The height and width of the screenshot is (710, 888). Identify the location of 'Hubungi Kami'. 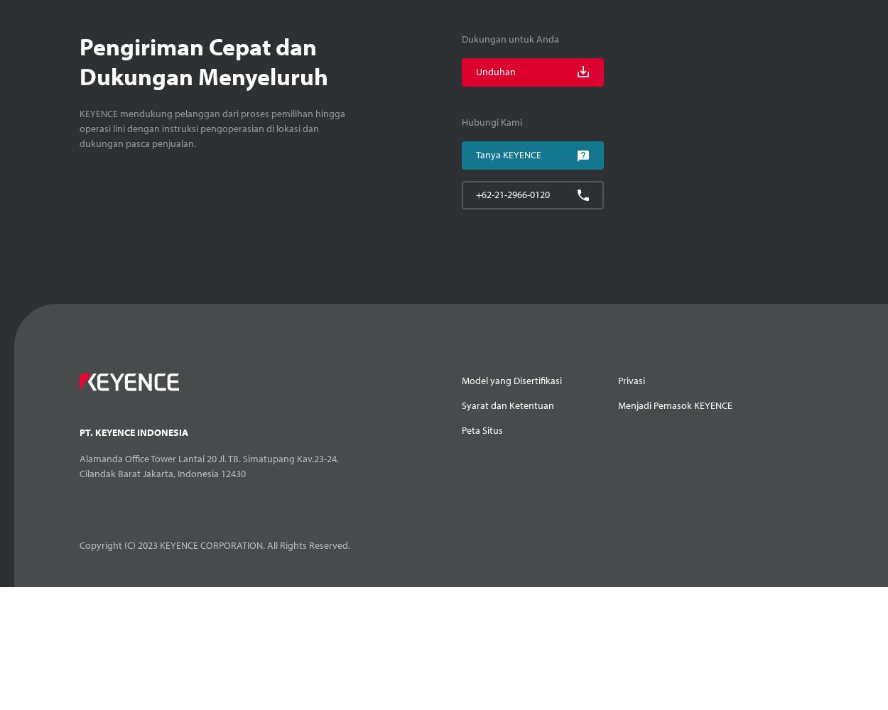
(490, 122).